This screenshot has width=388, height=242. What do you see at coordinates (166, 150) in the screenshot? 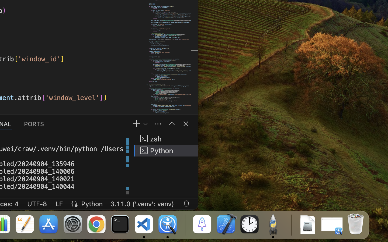
I see `'Python '` at bounding box center [166, 150].